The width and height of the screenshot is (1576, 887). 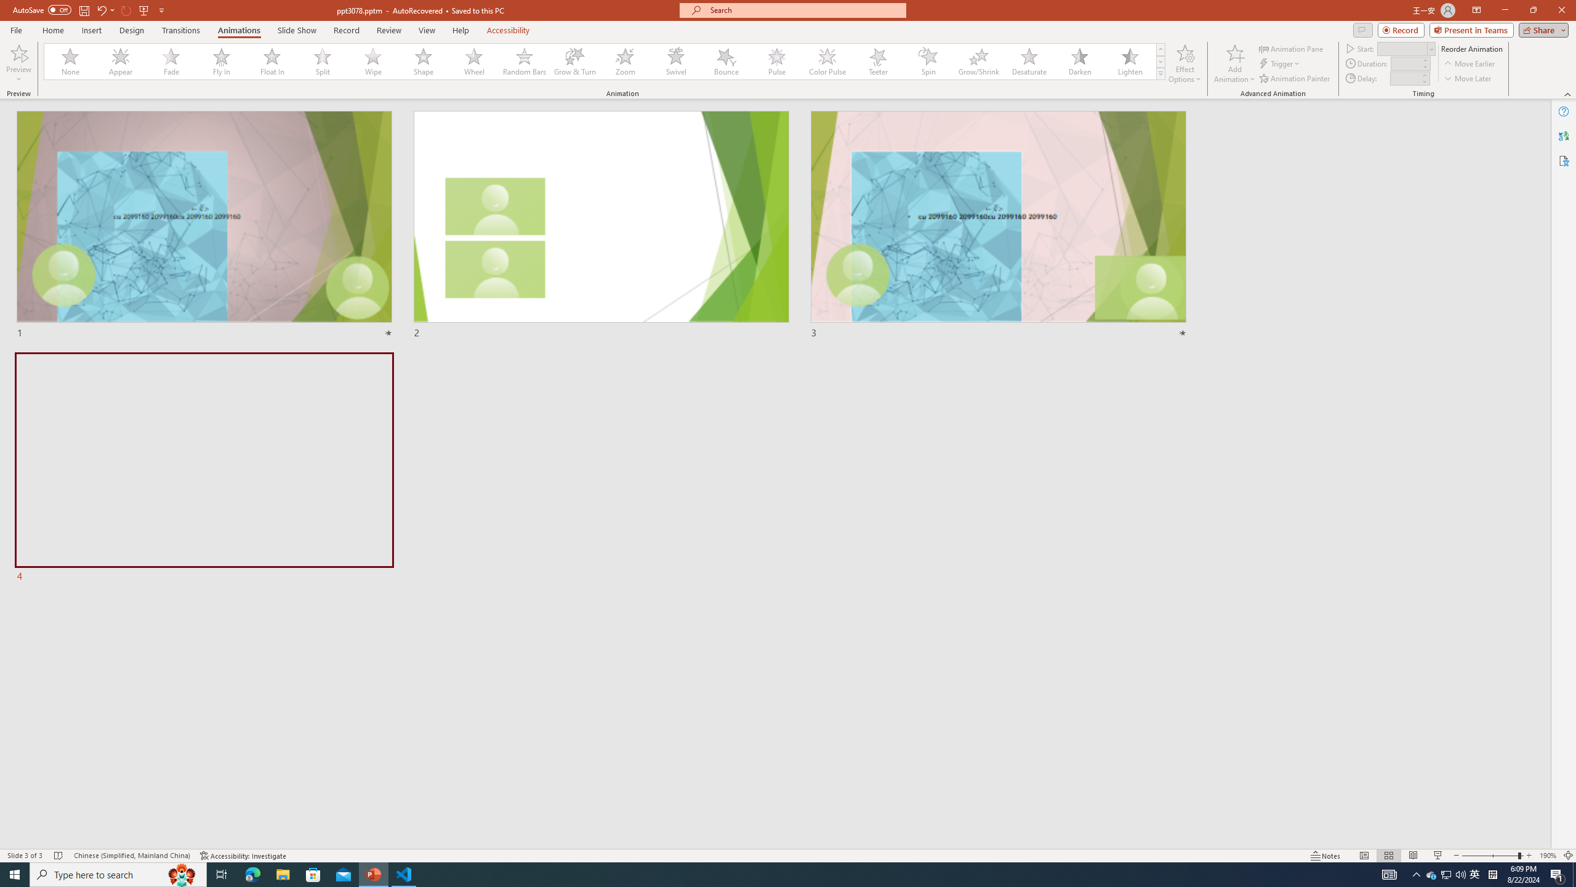 I want to click on 'Grow/Shrink', so click(x=978, y=61).